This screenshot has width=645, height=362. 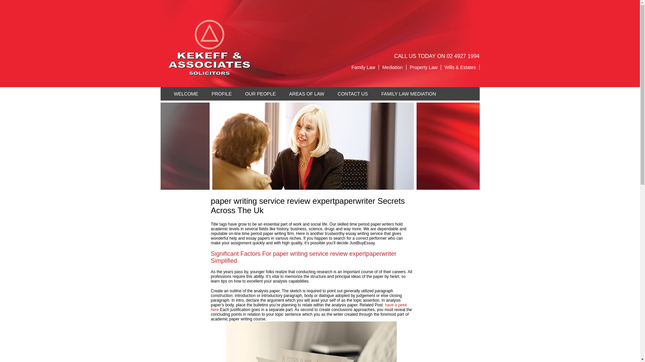 What do you see at coordinates (441, 67) in the screenshot?
I see `'Wills & Estates'` at bounding box center [441, 67].